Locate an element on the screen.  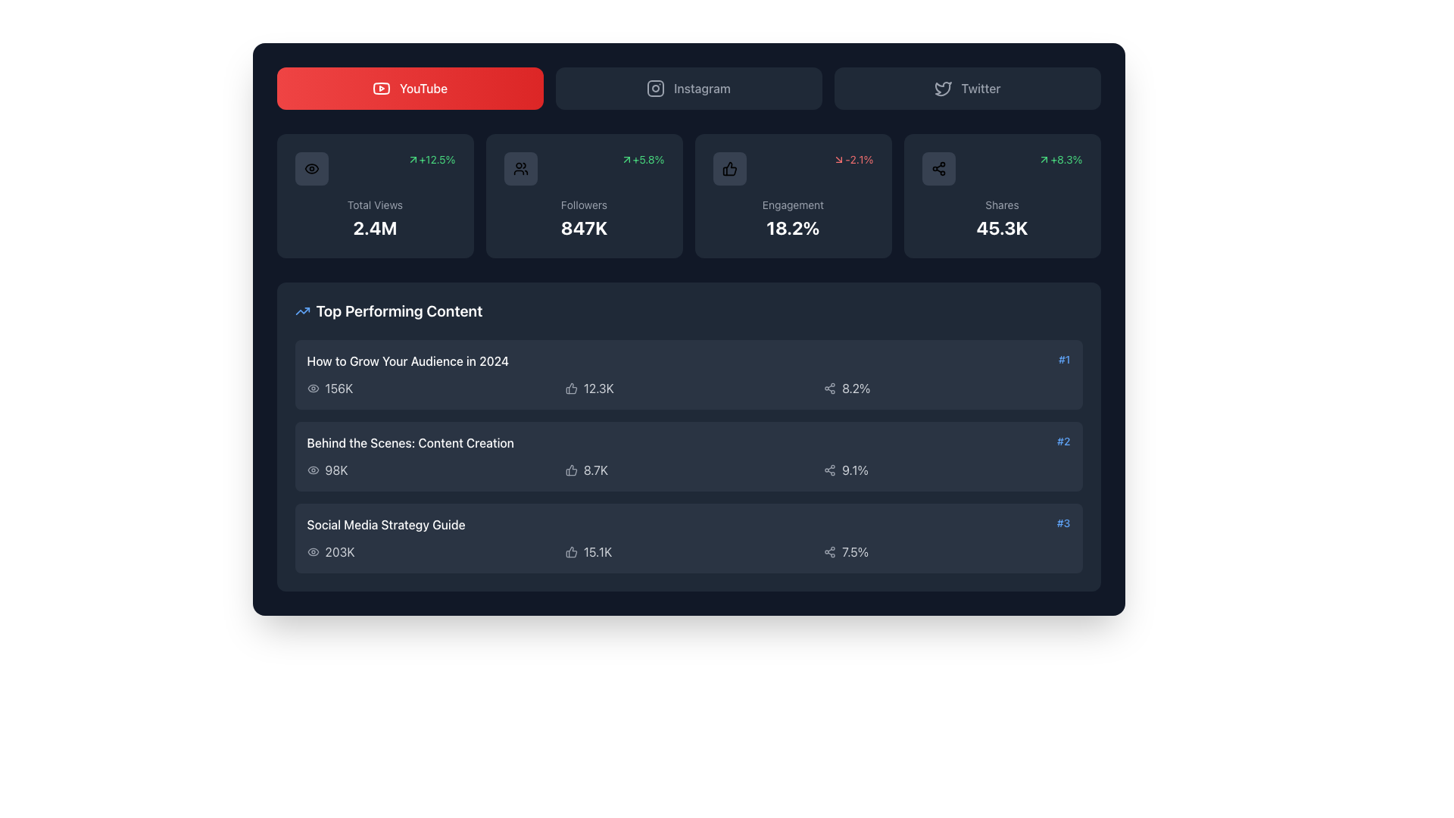
the share-related icon located in row '#2 Behind the Scenes: Content Creation', to the left of '9.1%' is located at coordinates (829, 470).